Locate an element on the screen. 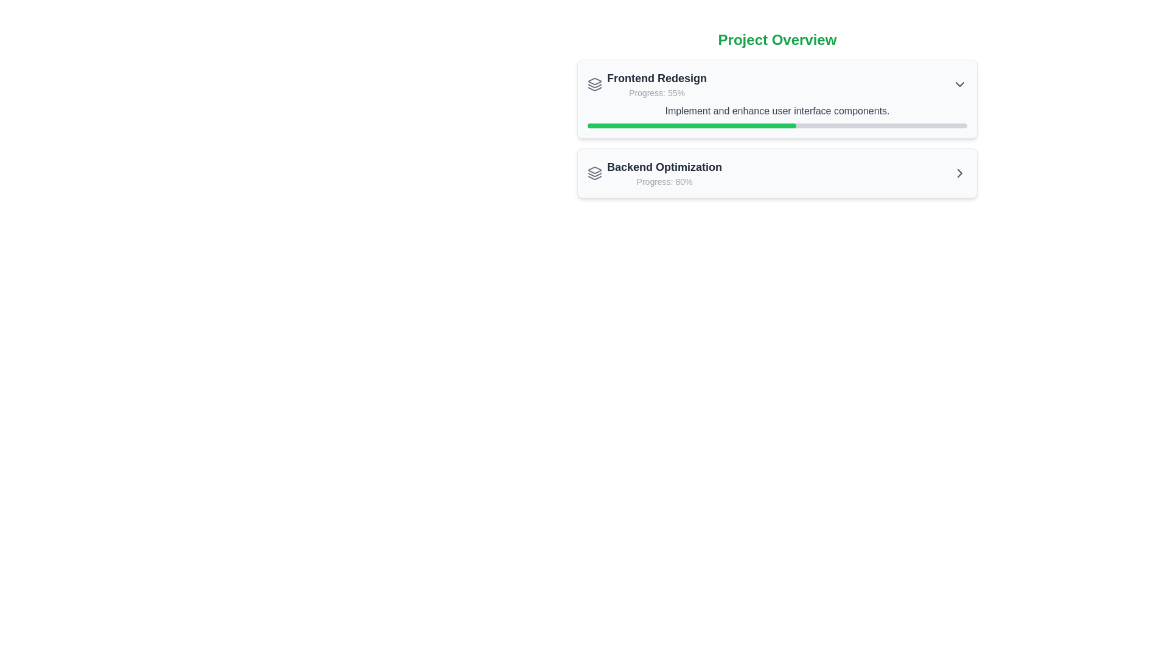 Image resolution: width=1168 pixels, height=657 pixels. the text display showing 'Progress: 80%' located below the title 'Backend Optimization' is located at coordinates (664, 182).